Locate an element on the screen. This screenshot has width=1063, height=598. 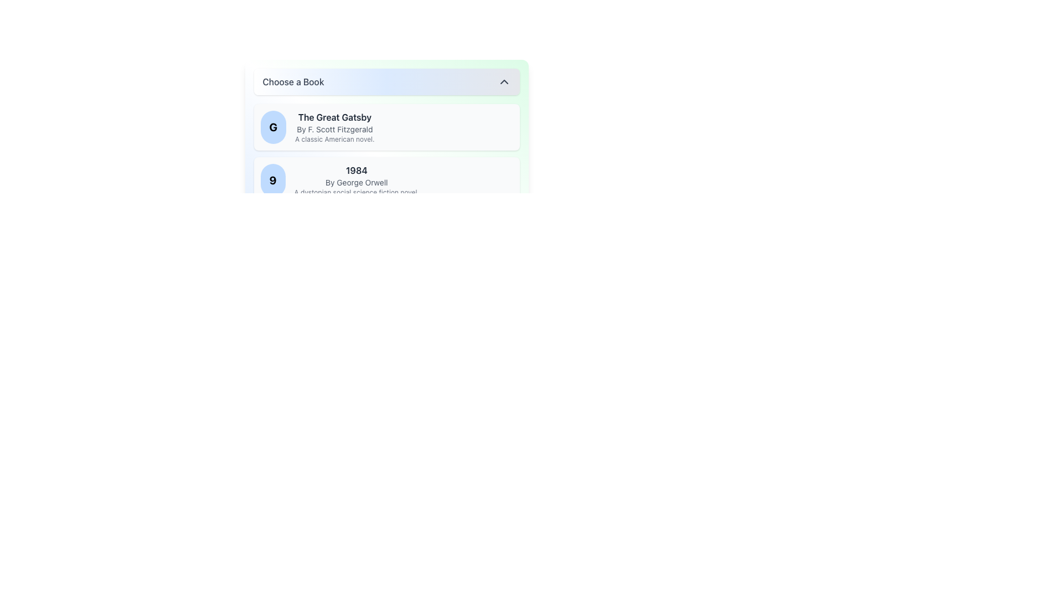
the chevron icon located at the top-right corner of the 'Choose a Book' section header is located at coordinates (503, 81).